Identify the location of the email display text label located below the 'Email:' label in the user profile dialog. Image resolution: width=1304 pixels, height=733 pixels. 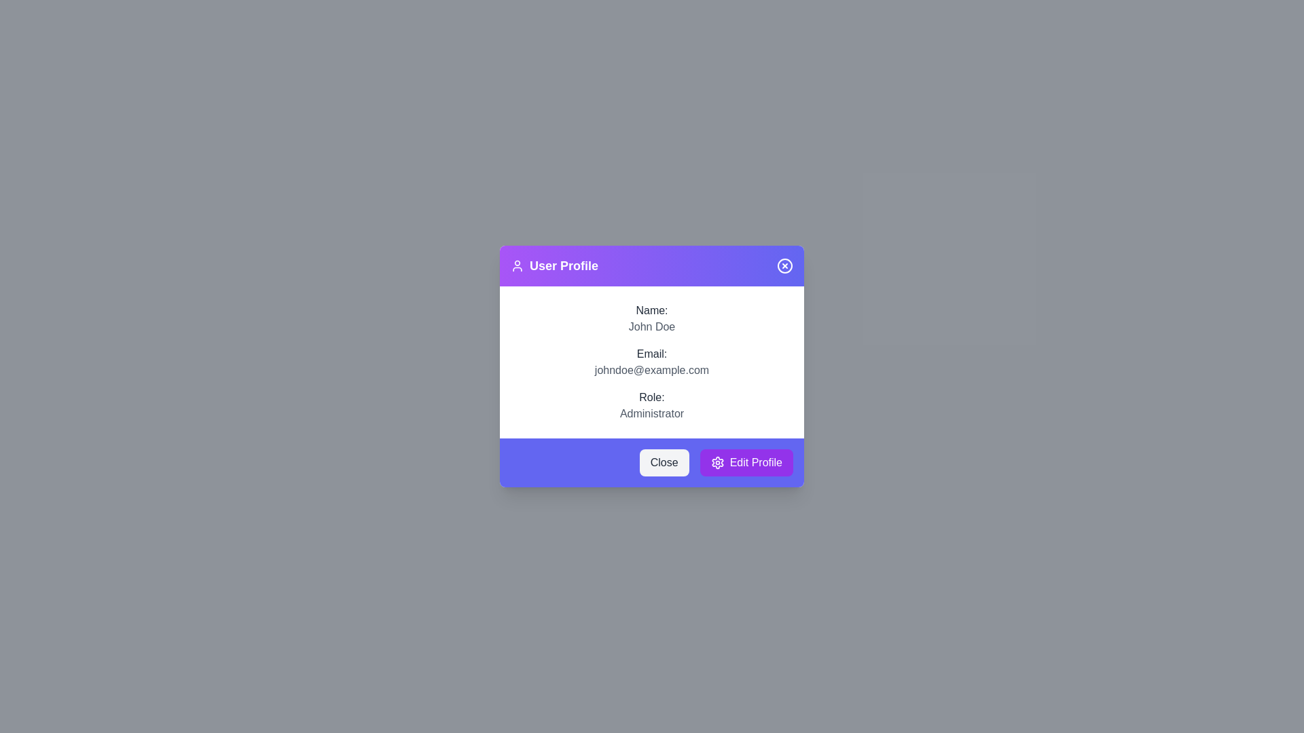
(652, 371).